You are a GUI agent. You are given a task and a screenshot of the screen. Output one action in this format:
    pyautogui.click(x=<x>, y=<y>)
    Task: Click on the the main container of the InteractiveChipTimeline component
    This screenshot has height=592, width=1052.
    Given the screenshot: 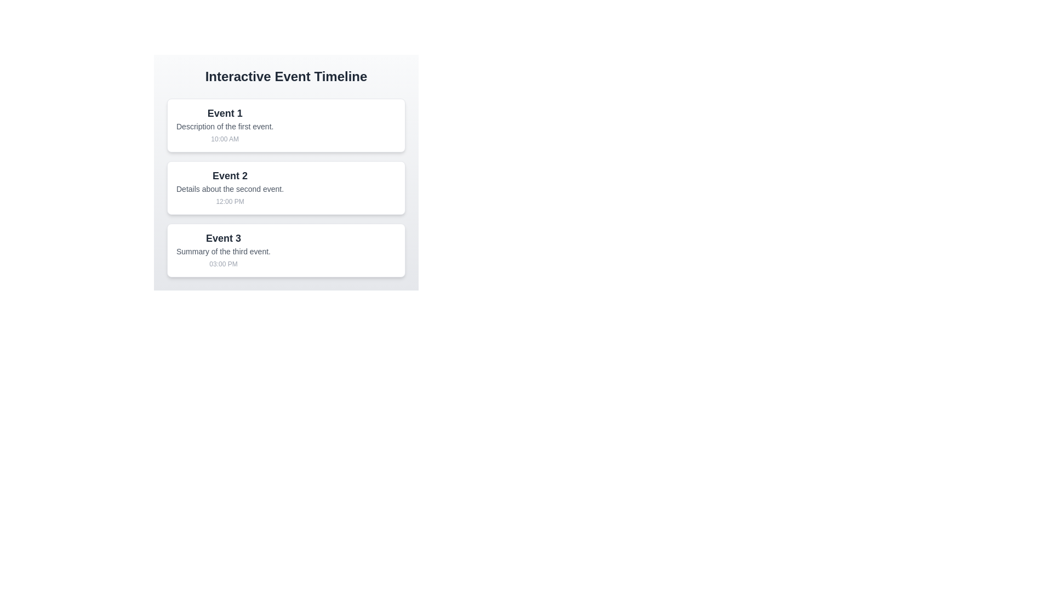 What is the action you would take?
    pyautogui.click(x=286, y=173)
    